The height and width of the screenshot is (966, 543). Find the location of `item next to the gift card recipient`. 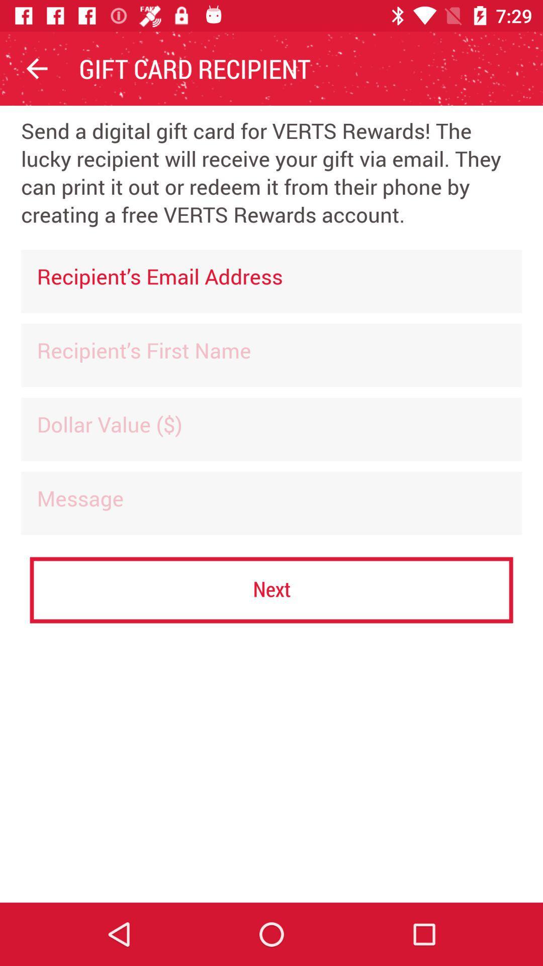

item next to the gift card recipient is located at coordinates (36, 68).